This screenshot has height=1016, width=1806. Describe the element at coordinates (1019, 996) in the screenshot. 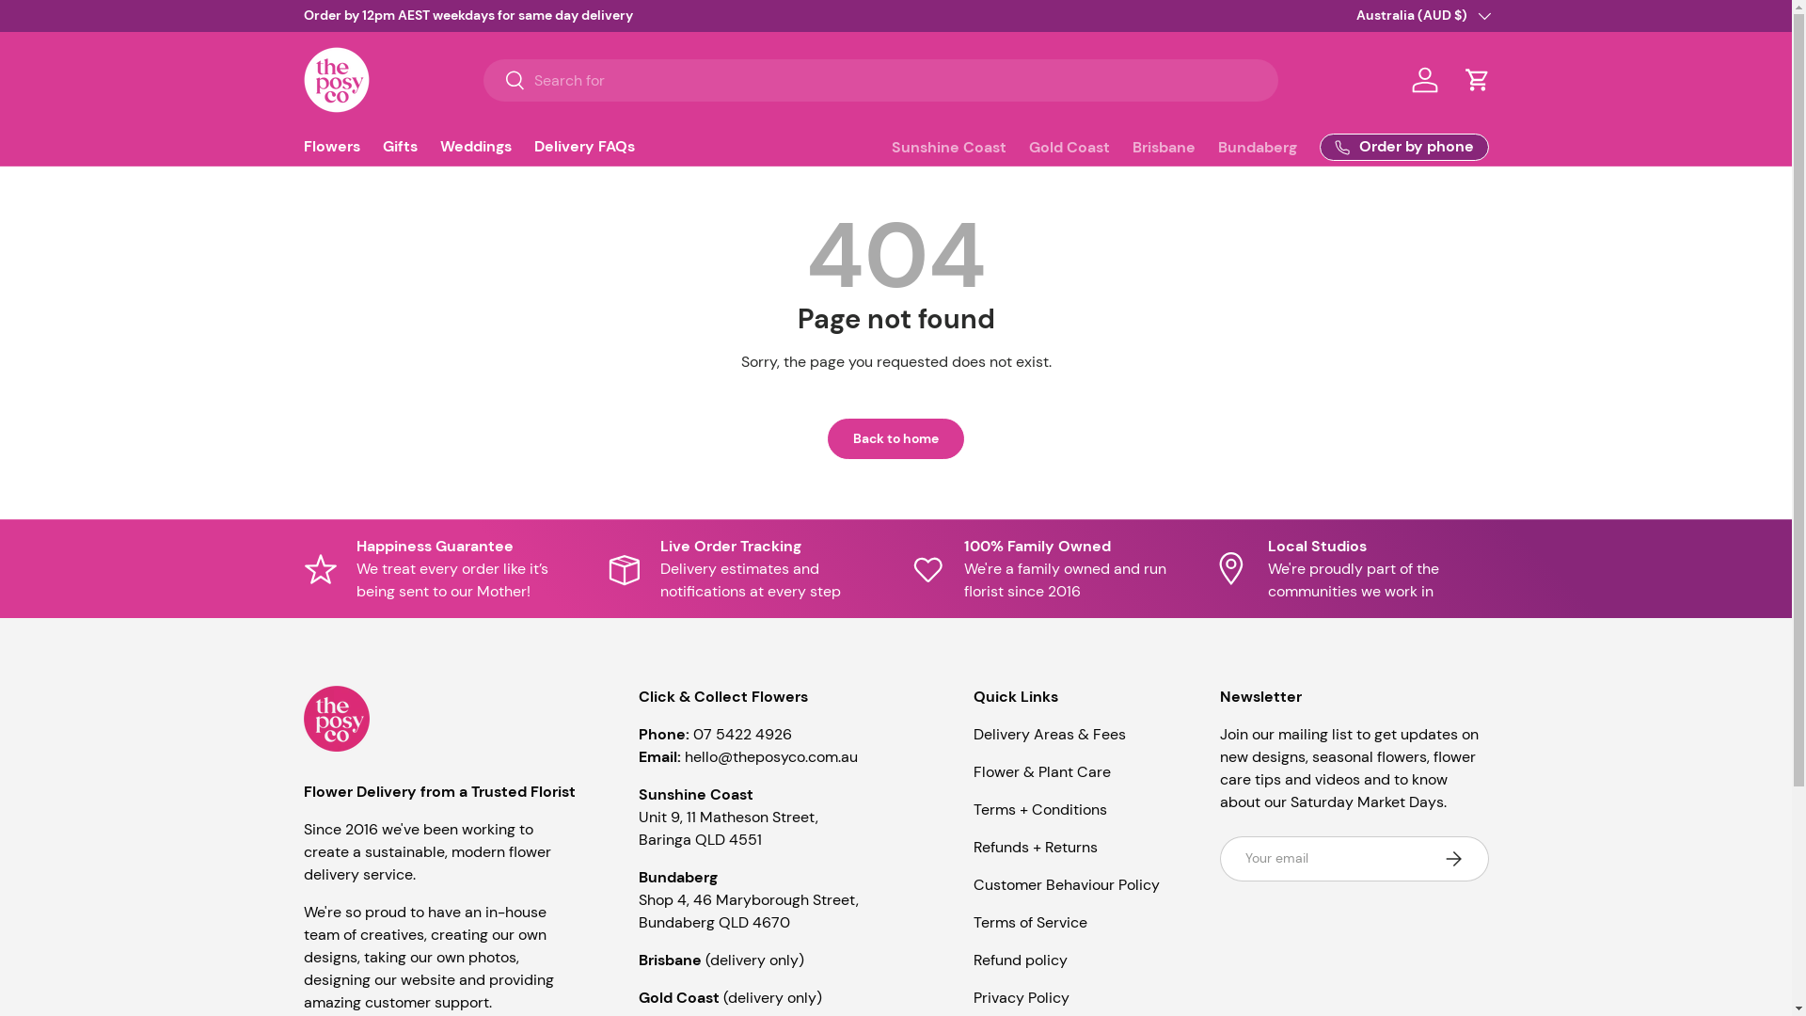

I see `'Privacy Policy'` at that location.